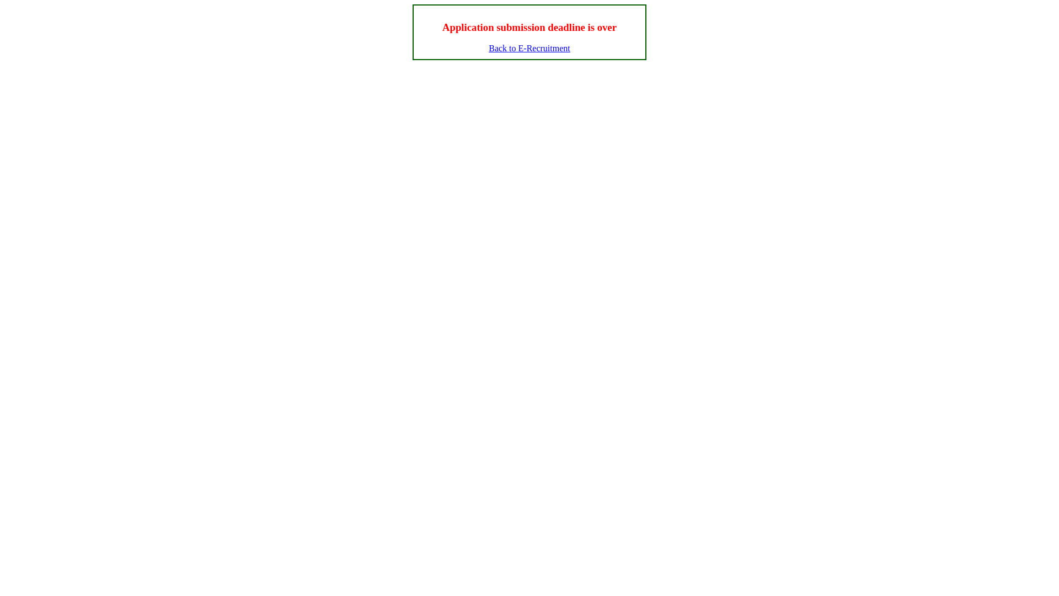  I want to click on 'Back to E-Recruitment', so click(529, 47).